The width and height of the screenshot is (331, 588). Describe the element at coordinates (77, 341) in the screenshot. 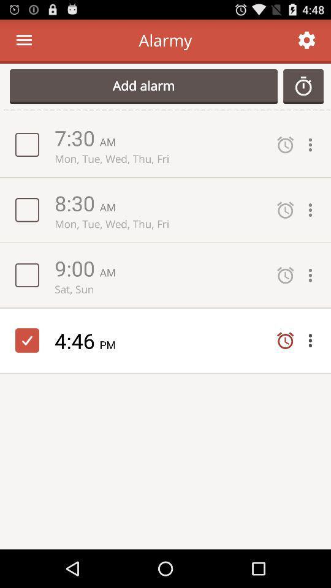

I see `icon next to the pm` at that location.